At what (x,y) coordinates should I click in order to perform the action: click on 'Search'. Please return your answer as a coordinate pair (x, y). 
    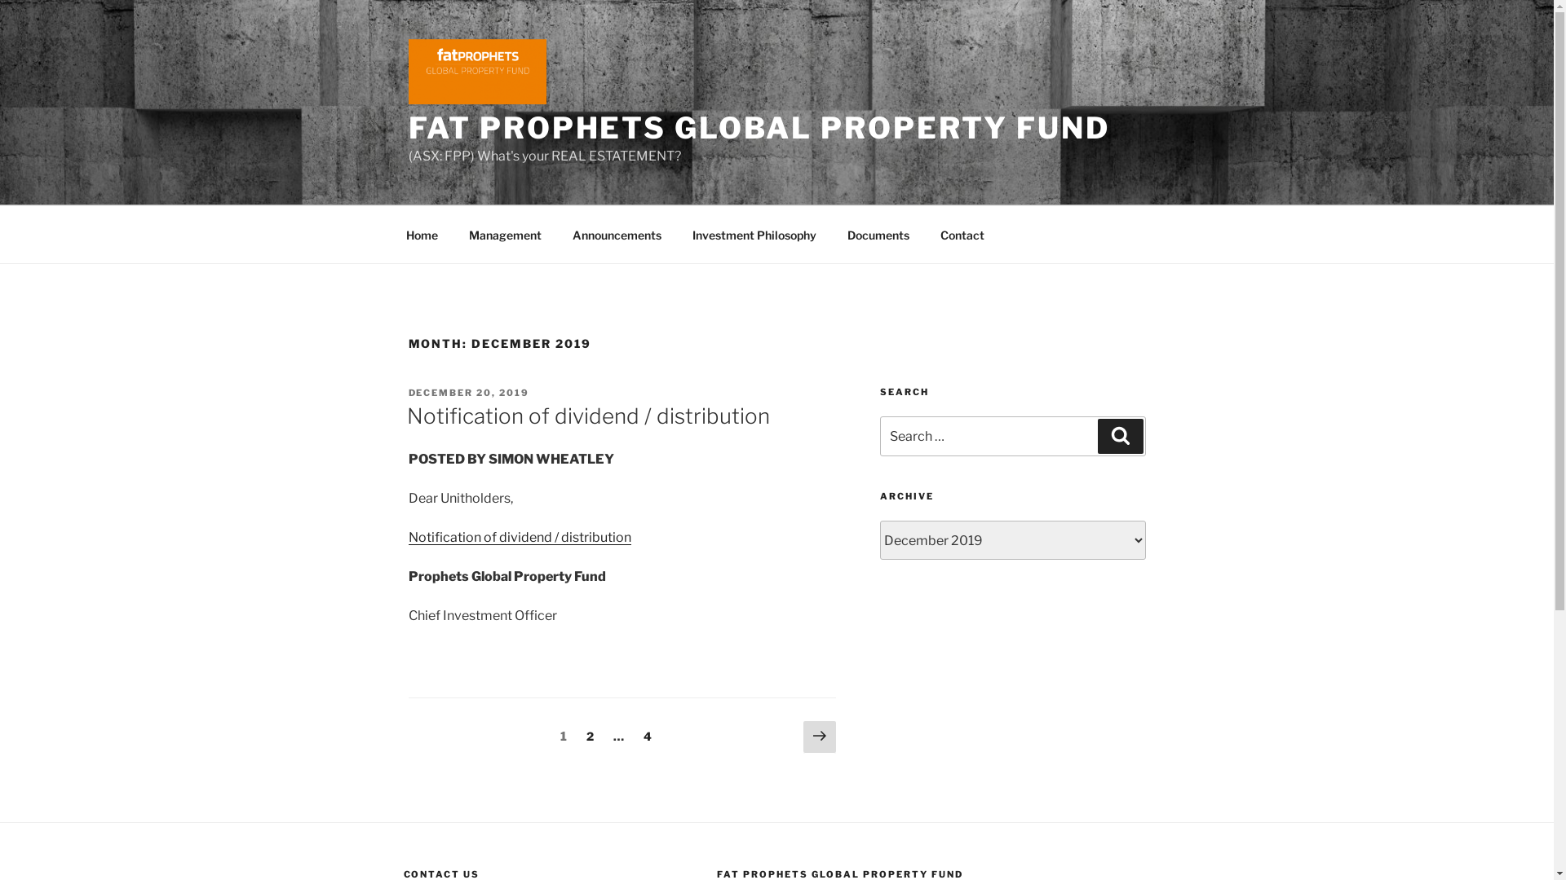
    Looking at the image, I should click on (1119, 435).